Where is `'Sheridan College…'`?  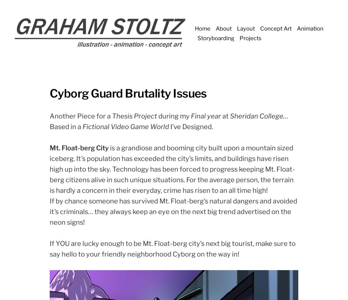 'Sheridan College…' is located at coordinates (259, 115).